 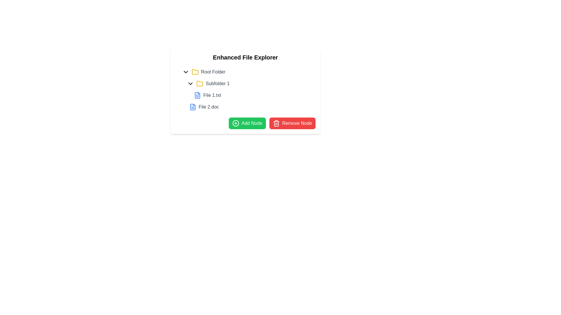 What do you see at coordinates (245, 57) in the screenshot?
I see `the Header text element at the top of the file explorer interface, which serves as the title for the section` at bounding box center [245, 57].